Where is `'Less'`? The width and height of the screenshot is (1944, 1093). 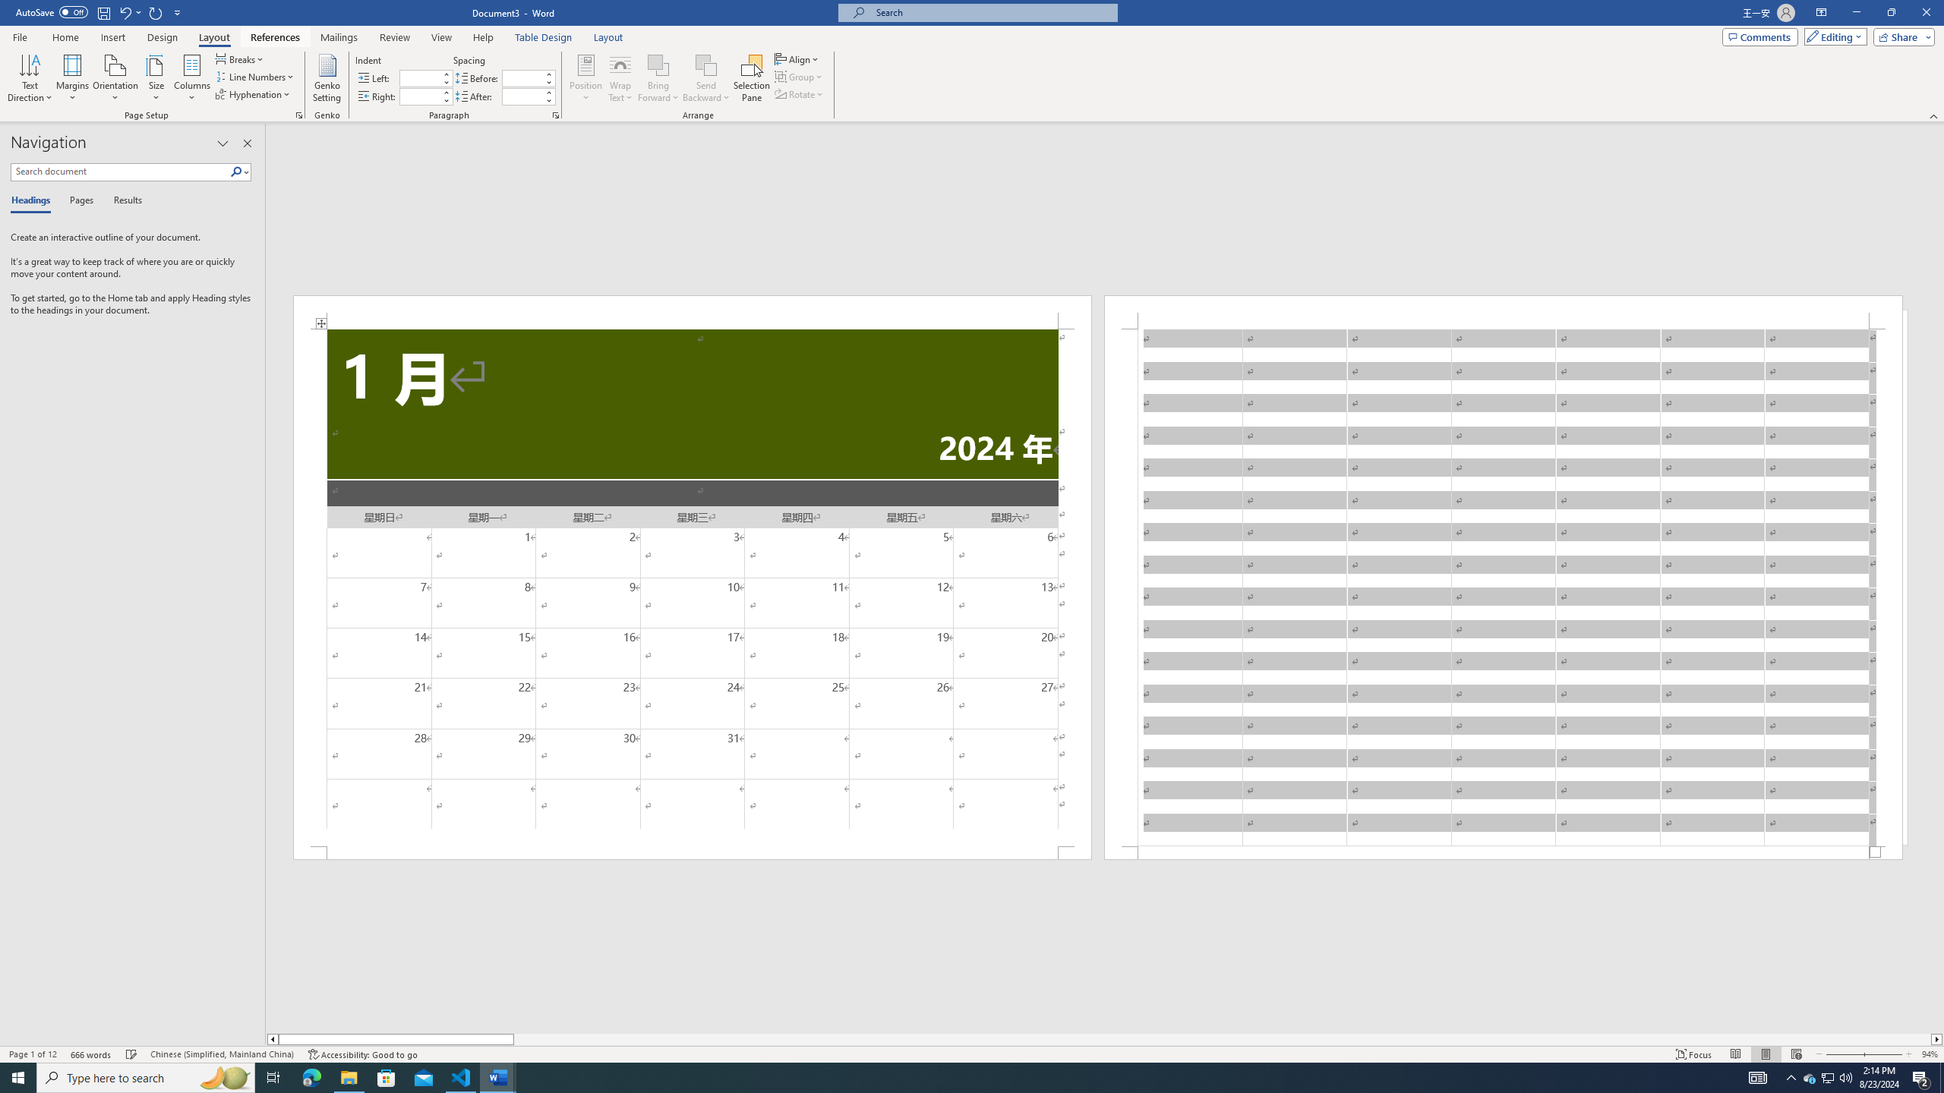 'Less' is located at coordinates (548, 99).